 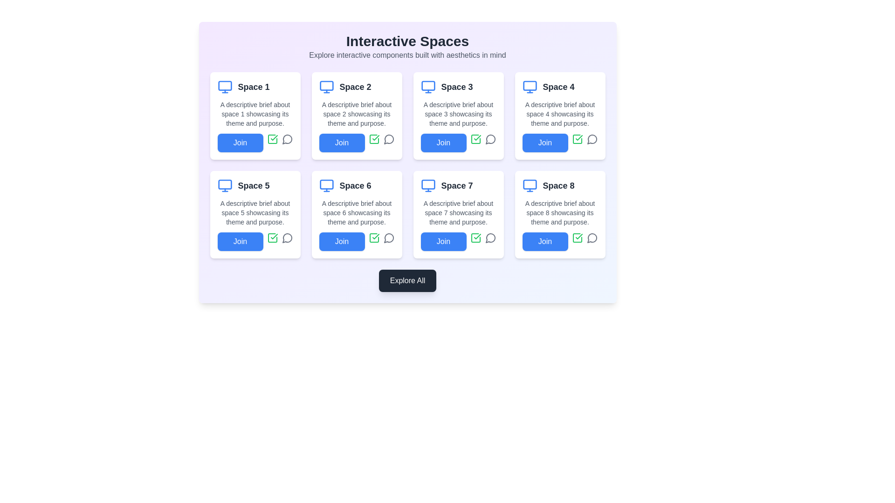 I want to click on the static text label that serves as the title identifier for the interactive space in the second card of the second row in the grid layout, so click(x=254, y=185).